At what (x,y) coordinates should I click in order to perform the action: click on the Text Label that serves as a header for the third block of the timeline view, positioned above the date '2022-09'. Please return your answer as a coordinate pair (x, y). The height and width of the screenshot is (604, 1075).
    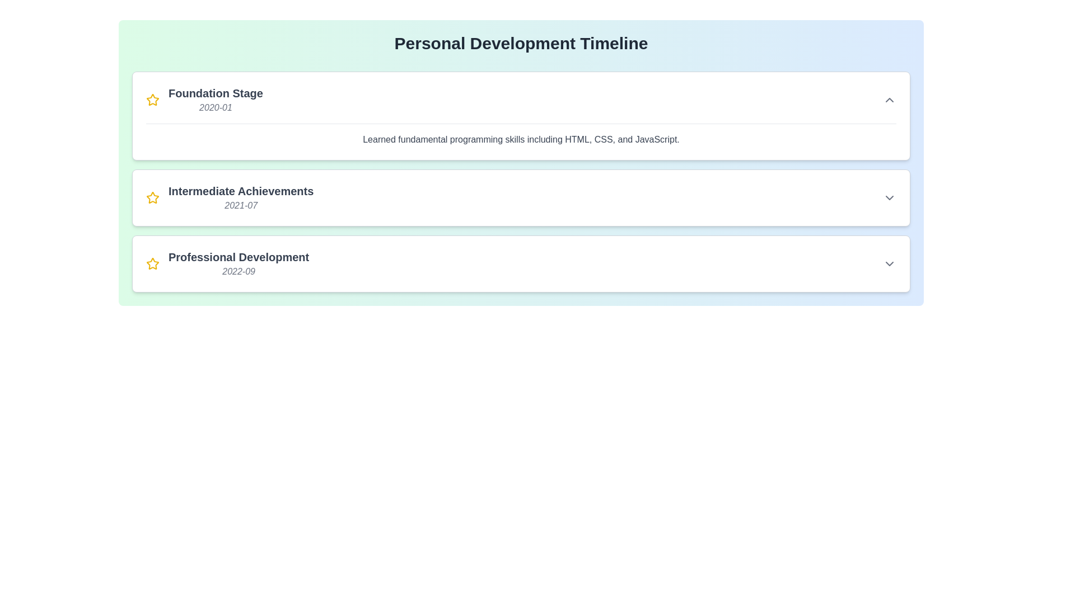
    Looking at the image, I should click on (238, 257).